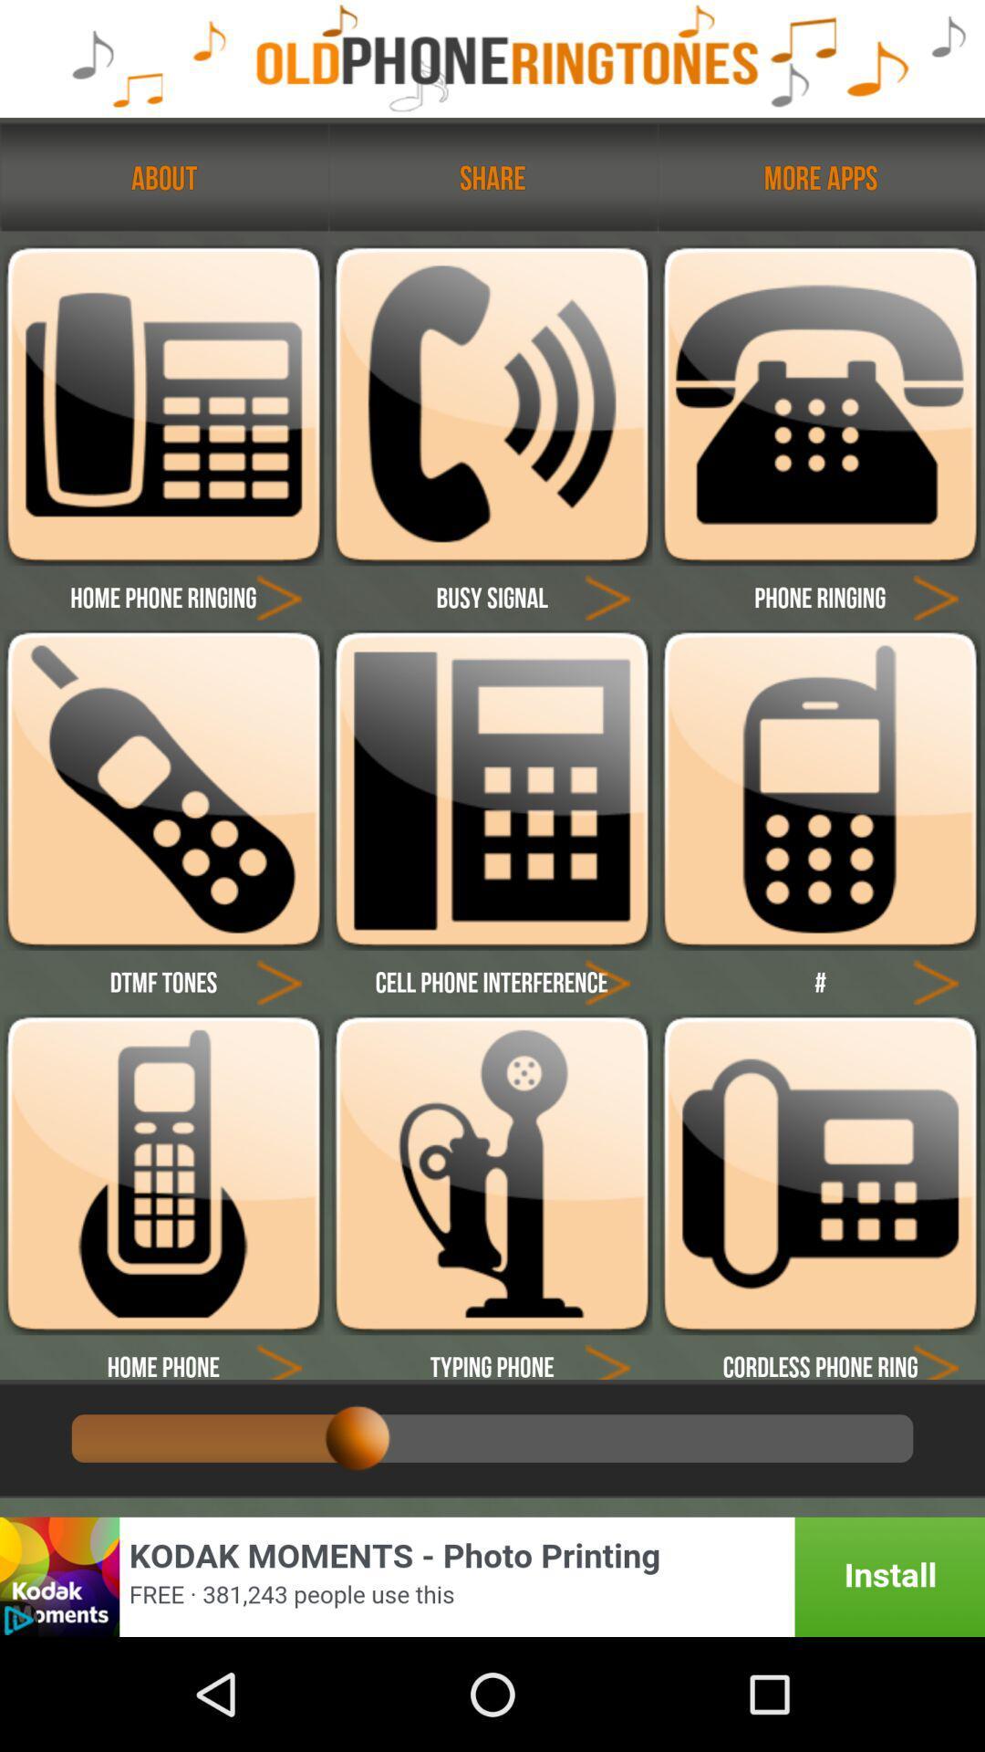 This screenshot has height=1752, width=985. Describe the element at coordinates (279, 1357) in the screenshot. I see `go back` at that location.